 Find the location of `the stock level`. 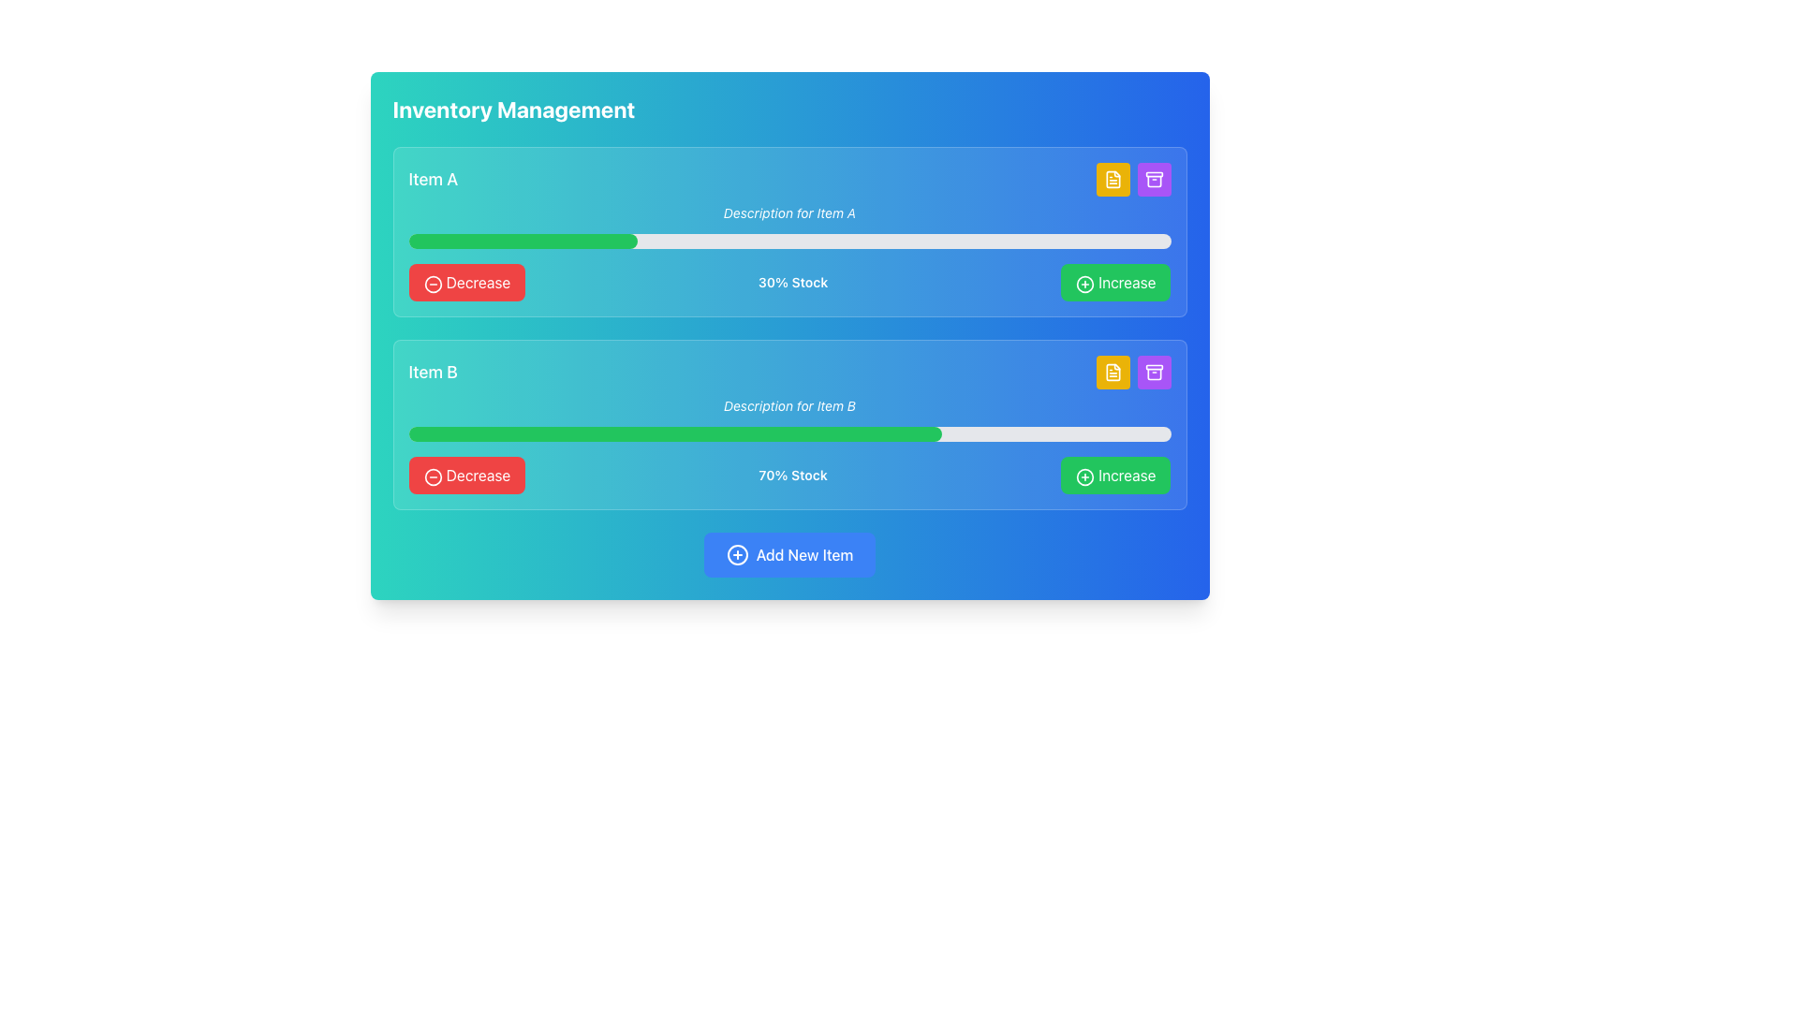

the stock level is located at coordinates (622, 241).